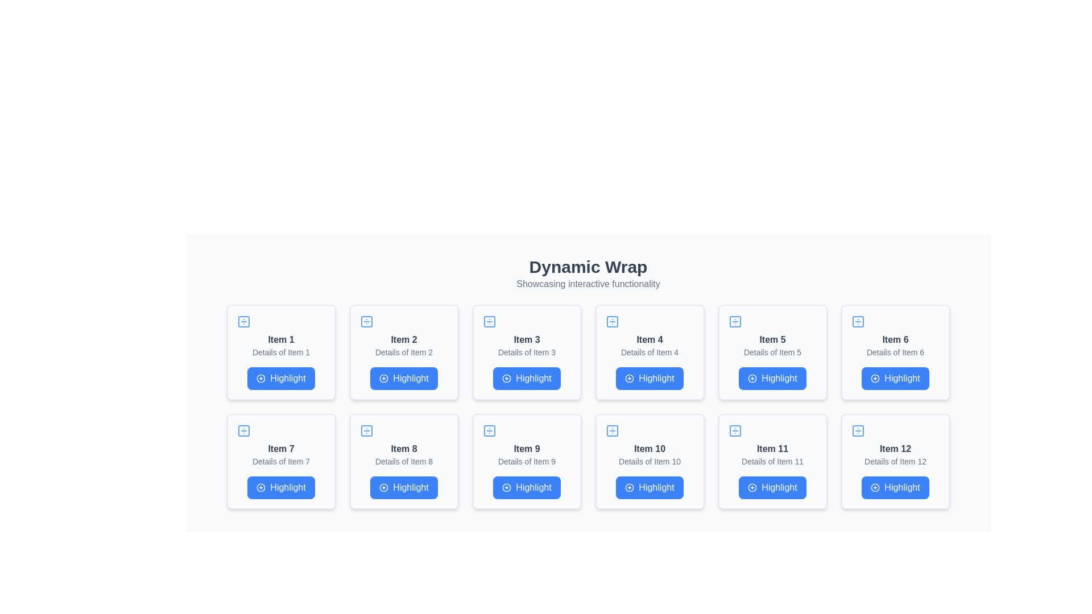  Describe the element at coordinates (895, 487) in the screenshot. I see `the button located in the bottom section of the 'Item 12' card` at that location.